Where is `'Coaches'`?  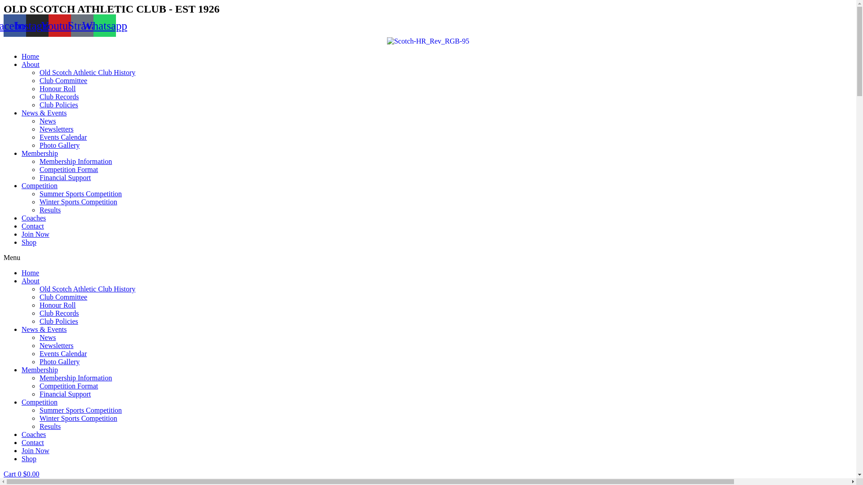
'Coaches' is located at coordinates (34, 218).